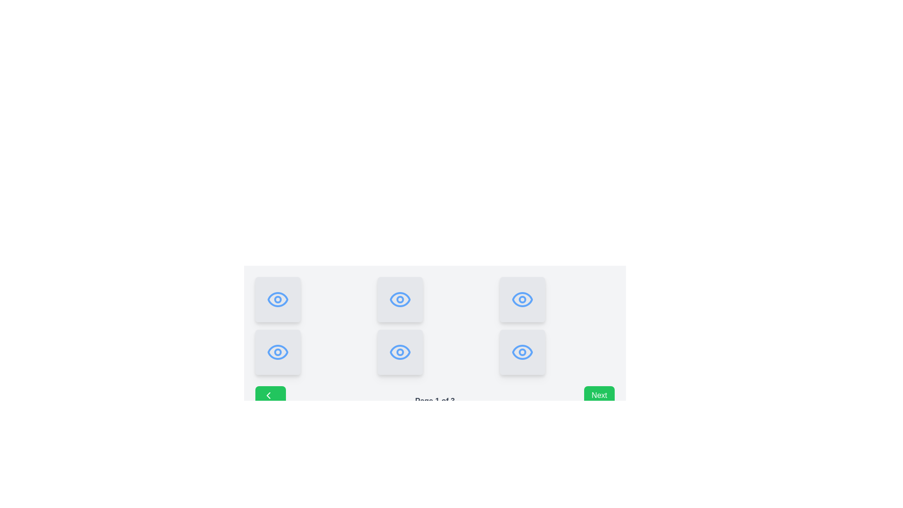 The height and width of the screenshot is (508, 903). Describe the element at coordinates (522, 352) in the screenshot. I see `the interactive button located in the lower-right corner of a 3x3 grid` at that location.